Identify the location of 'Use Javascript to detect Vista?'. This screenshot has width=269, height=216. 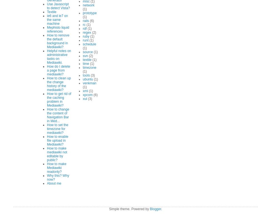
(47, 6).